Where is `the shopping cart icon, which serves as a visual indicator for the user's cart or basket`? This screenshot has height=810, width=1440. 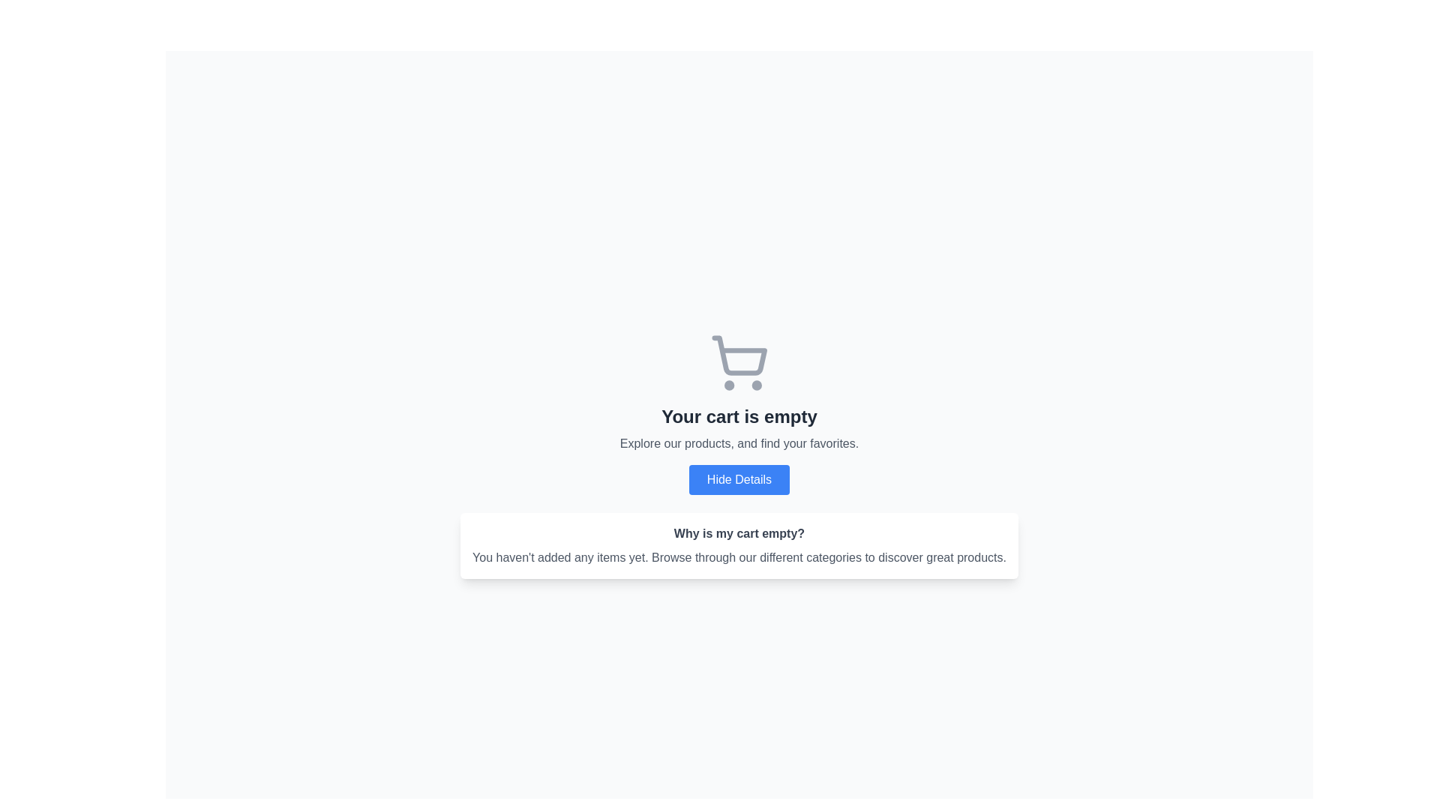
the shopping cart icon, which serves as a visual indicator for the user's cart or basket is located at coordinates (739, 355).